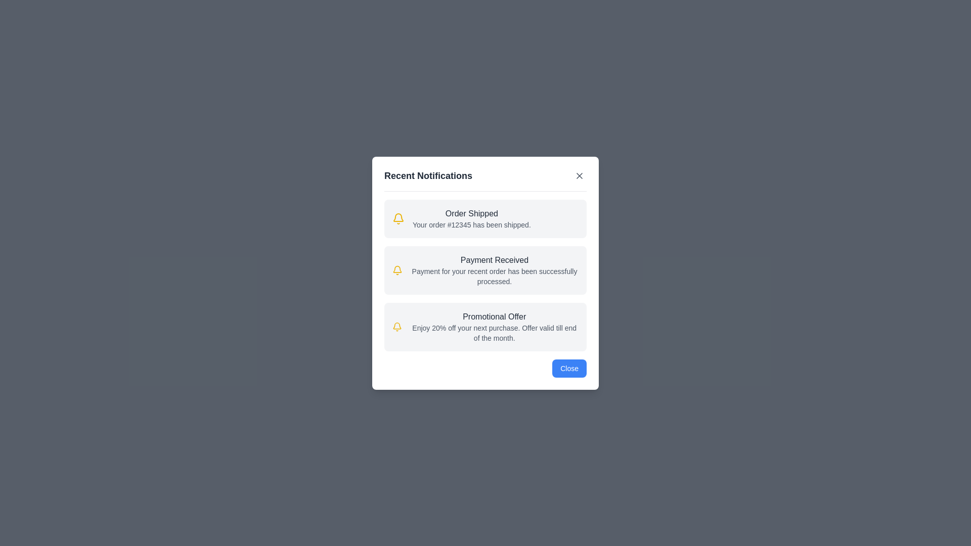 The image size is (971, 546). Describe the element at coordinates (485, 218) in the screenshot. I see `the notification item to read its details` at that location.